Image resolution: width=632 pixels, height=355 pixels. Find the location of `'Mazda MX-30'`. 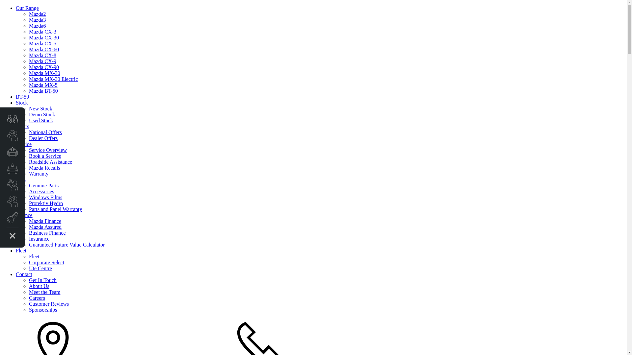

'Mazda MX-30' is located at coordinates (28, 73).